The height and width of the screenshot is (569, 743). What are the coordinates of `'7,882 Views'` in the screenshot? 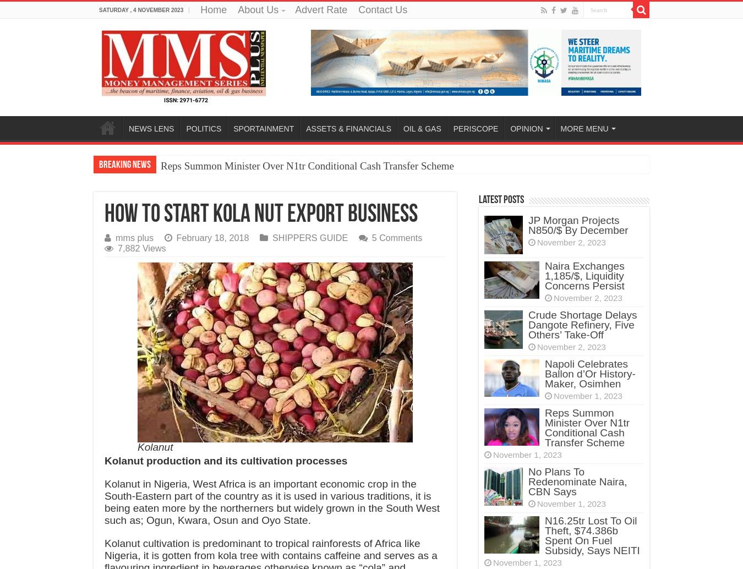 It's located at (141, 248).